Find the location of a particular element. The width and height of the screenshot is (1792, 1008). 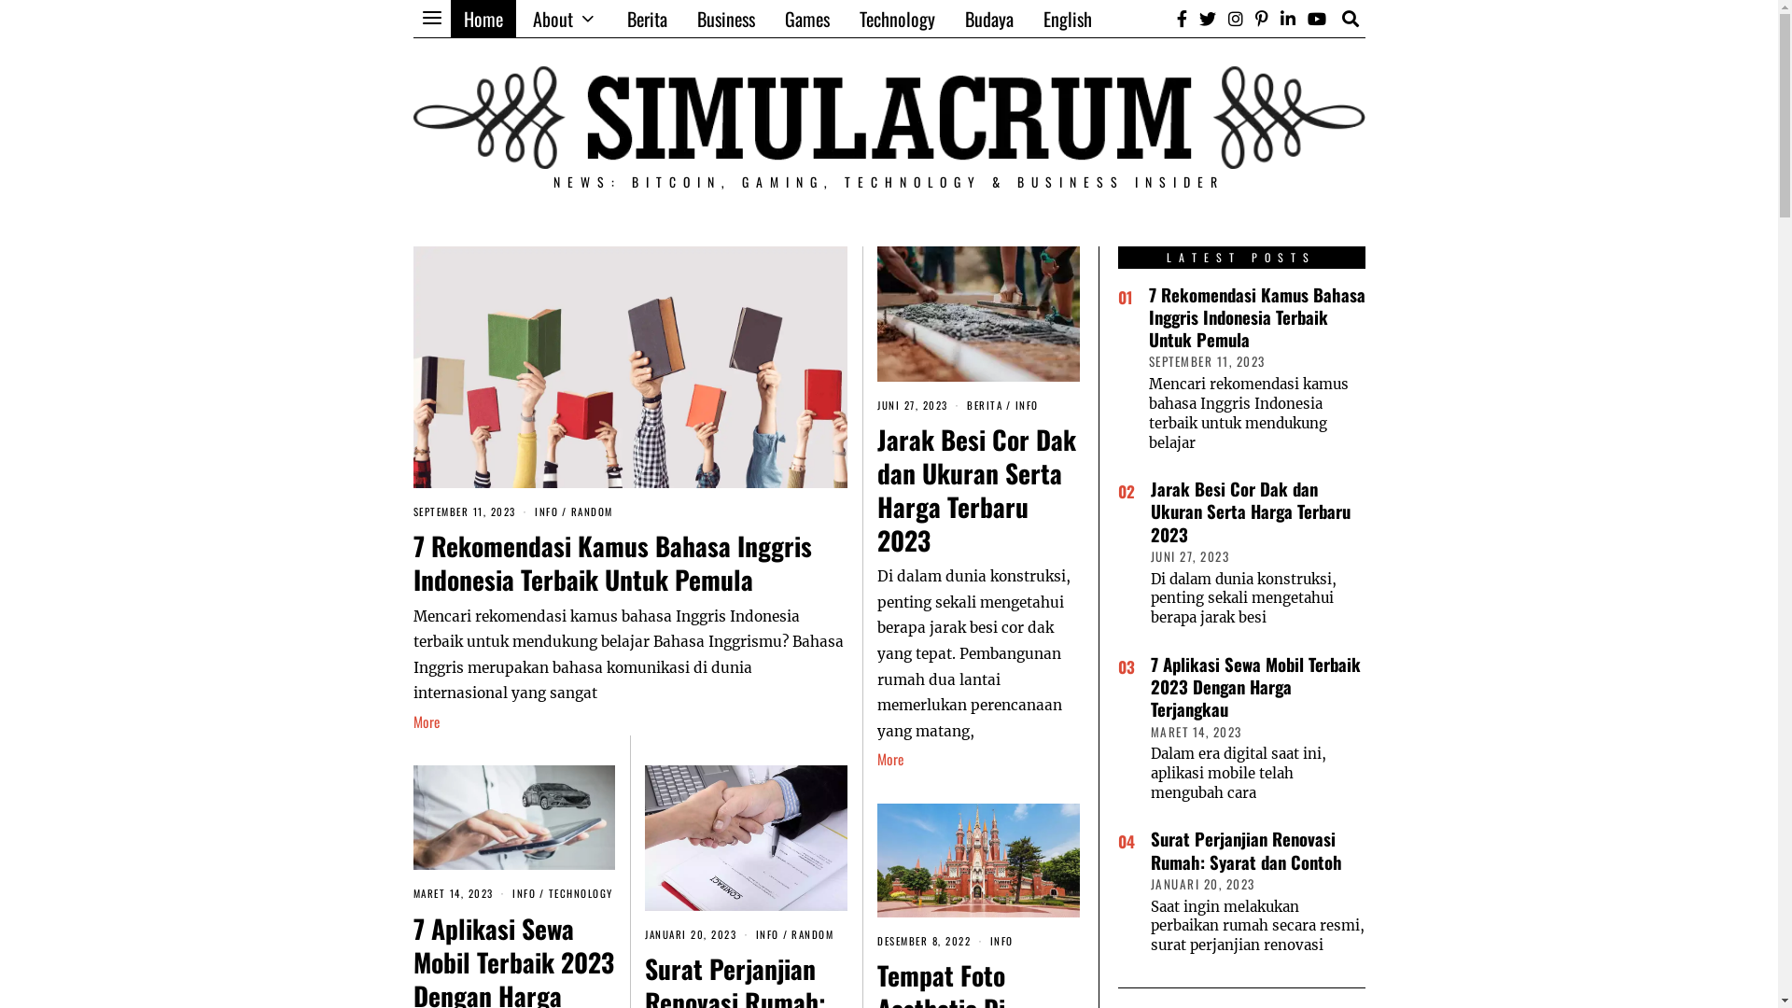

'TECHNOLOGY' is located at coordinates (580, 891).